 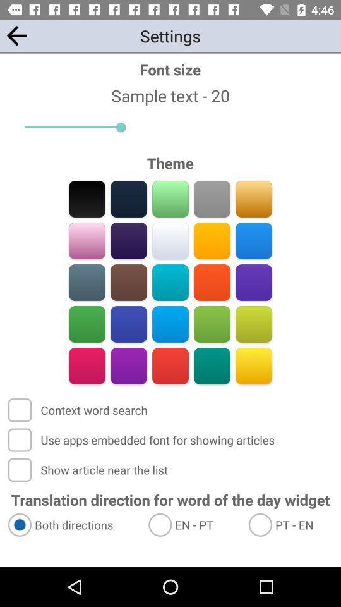 What do you see at coordinates (88, 469) in the screenshot?
I see `the item below use apps embedded checkbox` at bounding box center [88, 469].